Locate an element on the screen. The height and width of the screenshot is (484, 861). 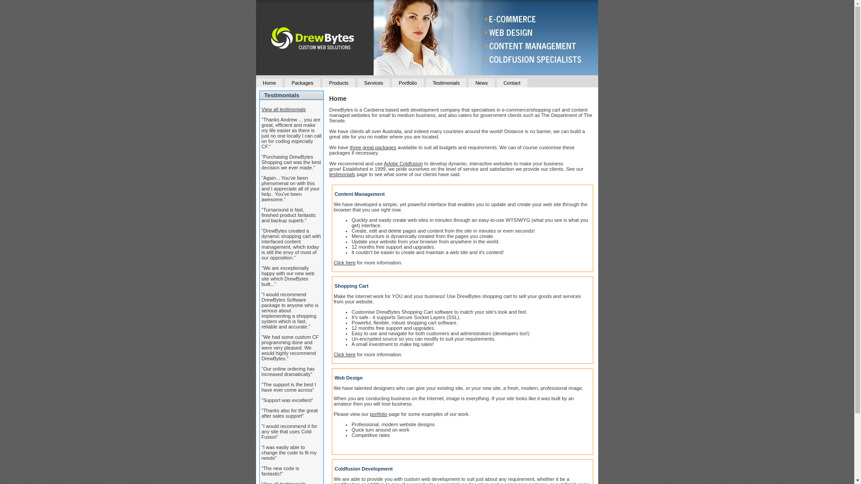
'Contact' is located at coordinates (496, 83).